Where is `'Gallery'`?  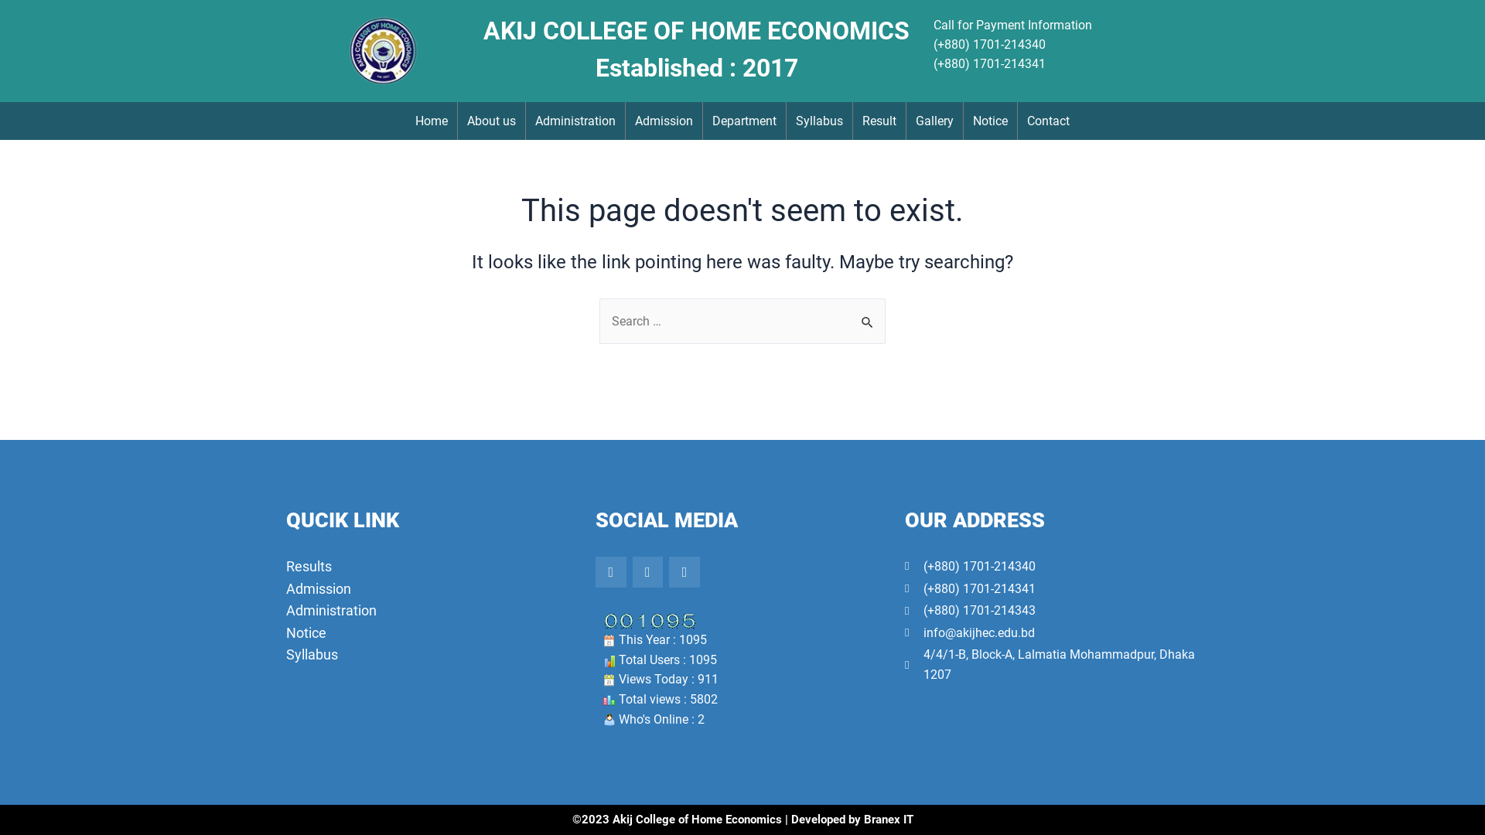 'Gallery' is located at coordinates (934, 120).